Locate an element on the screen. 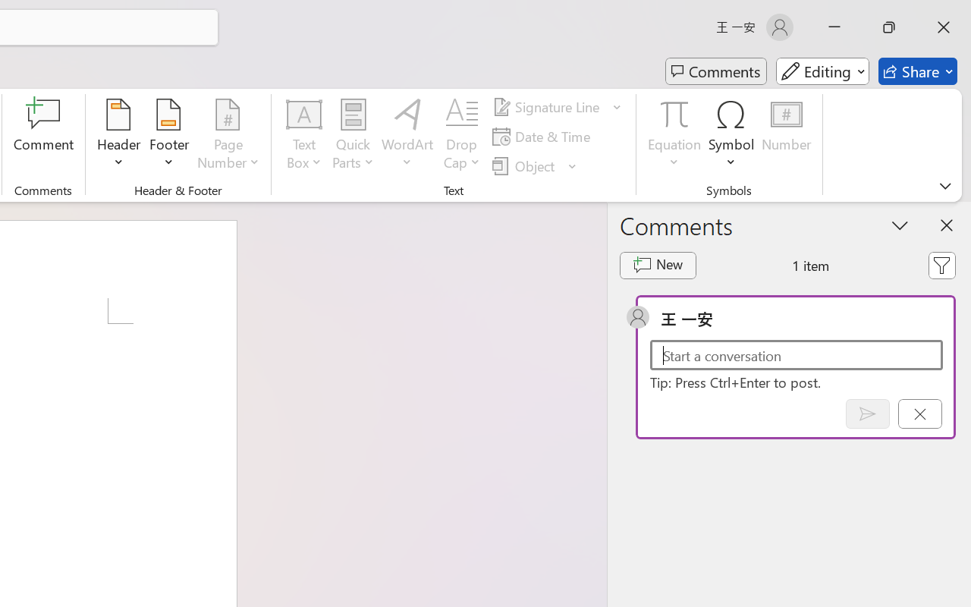  'New comment' is located at coordinates (658, 266).